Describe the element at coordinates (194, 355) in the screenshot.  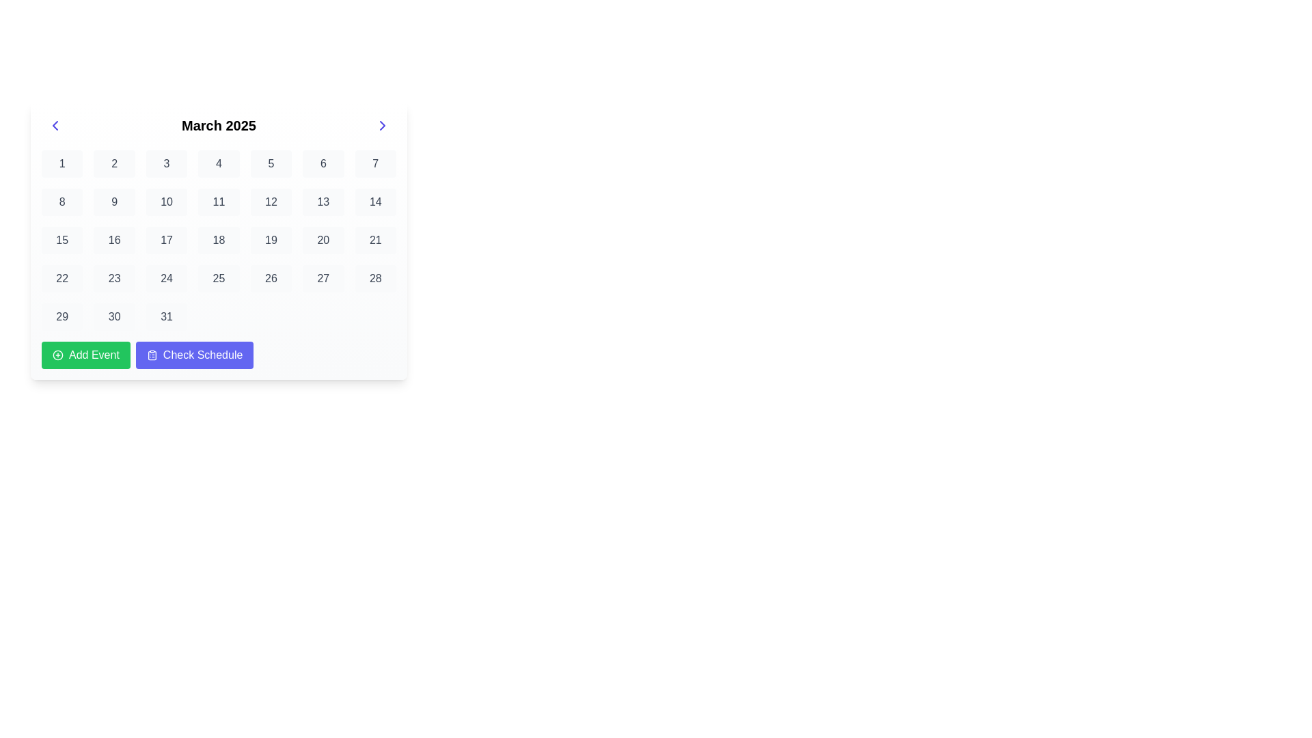
I see `the 'Access Schedule' button, which is the second button in a horizontal layout below the calendar interface, positioned immediately to the right of the green 'Add Event' button` at that location.